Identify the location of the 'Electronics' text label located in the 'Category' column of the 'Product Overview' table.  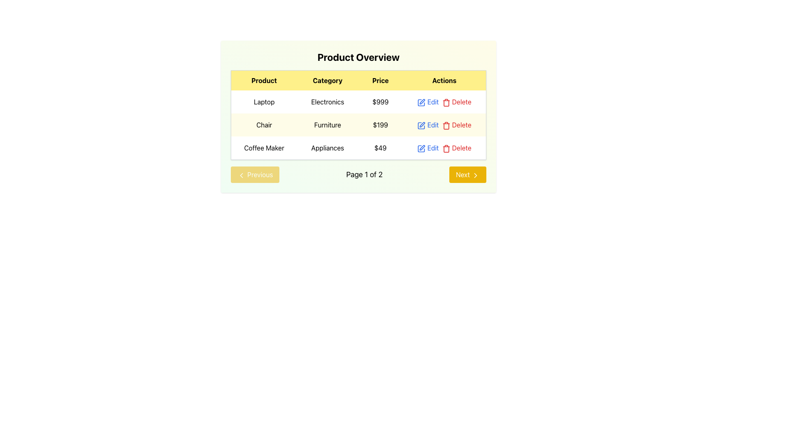
(327, 101).